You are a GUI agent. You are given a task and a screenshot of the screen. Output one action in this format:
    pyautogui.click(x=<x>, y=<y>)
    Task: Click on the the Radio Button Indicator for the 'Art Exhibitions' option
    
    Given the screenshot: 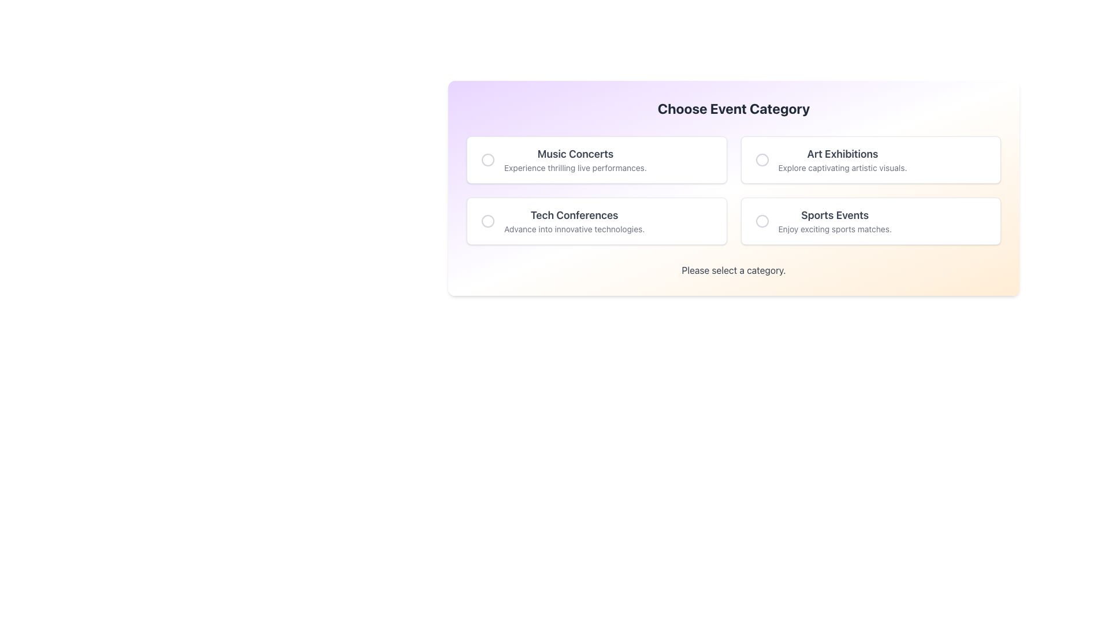 What is the action you would take?
    pyautogui.click(x=762, y=160)
    